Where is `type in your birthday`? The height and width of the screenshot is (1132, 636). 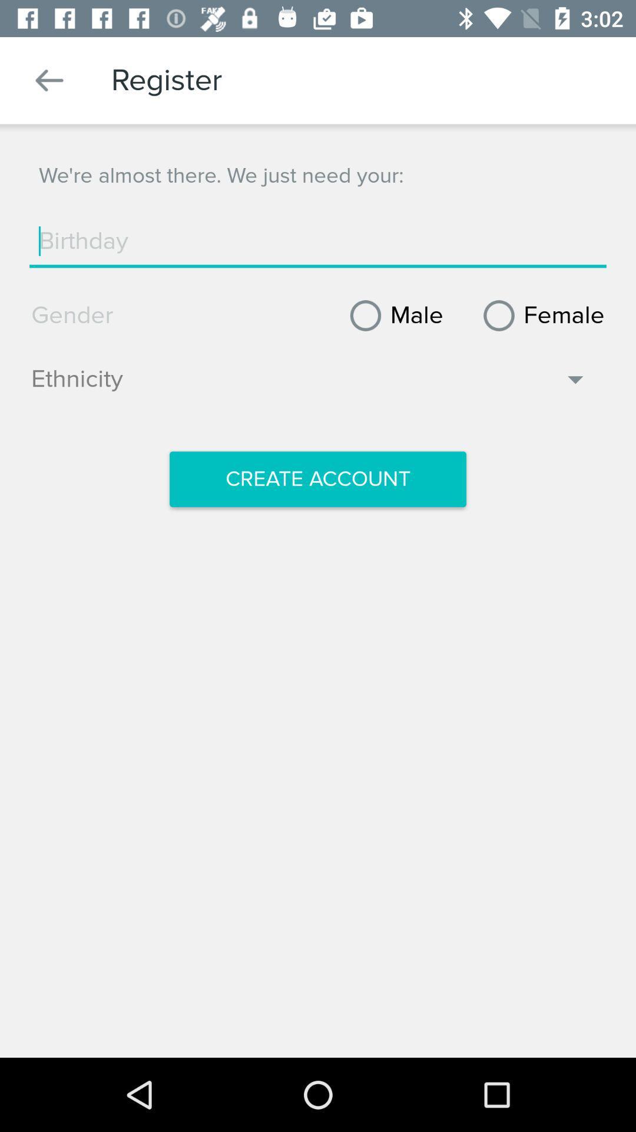
type in your birthday is located at coordinates (318, 241).